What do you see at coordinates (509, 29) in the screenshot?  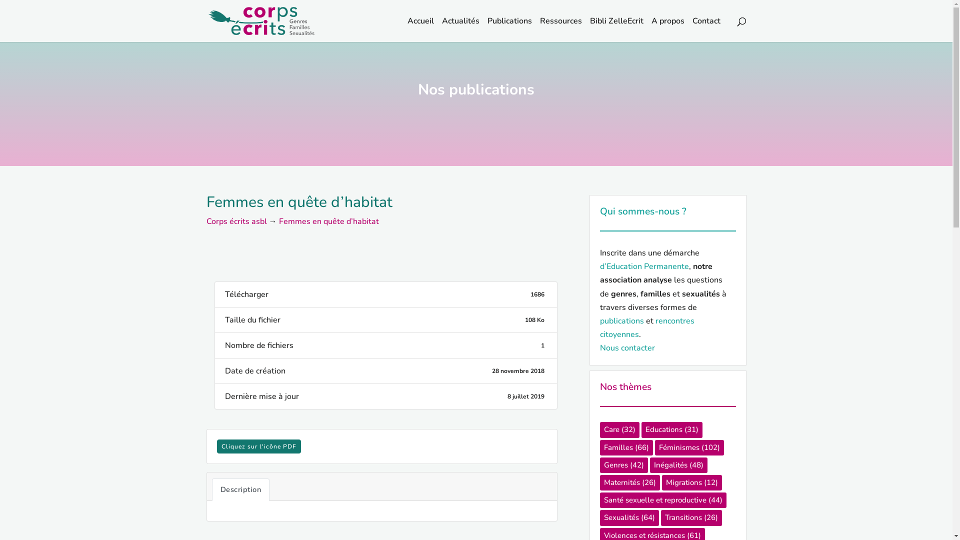 I see `'Publications'` at bounding box center [509, 29].